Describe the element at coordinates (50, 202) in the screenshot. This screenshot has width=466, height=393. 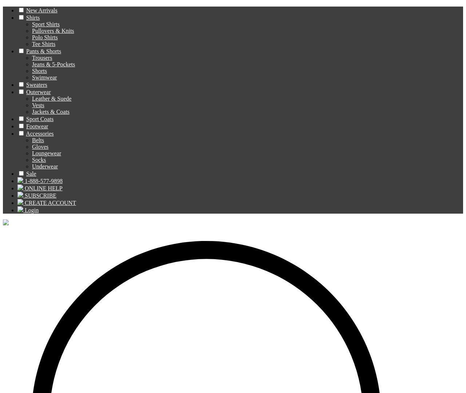
I see `'CREATE ACCOUNT'` at that location.